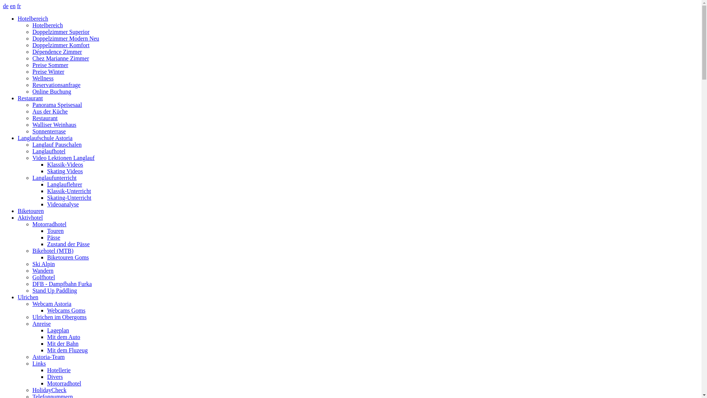  What do you see at coordinates (63, 204) in the screenshot?
I see `'Videoanalyse'` at bounding box center [63, 204].